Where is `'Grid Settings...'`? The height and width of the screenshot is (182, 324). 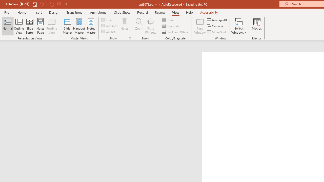 'Grid Settings...' is located at coordinates (130, 38).